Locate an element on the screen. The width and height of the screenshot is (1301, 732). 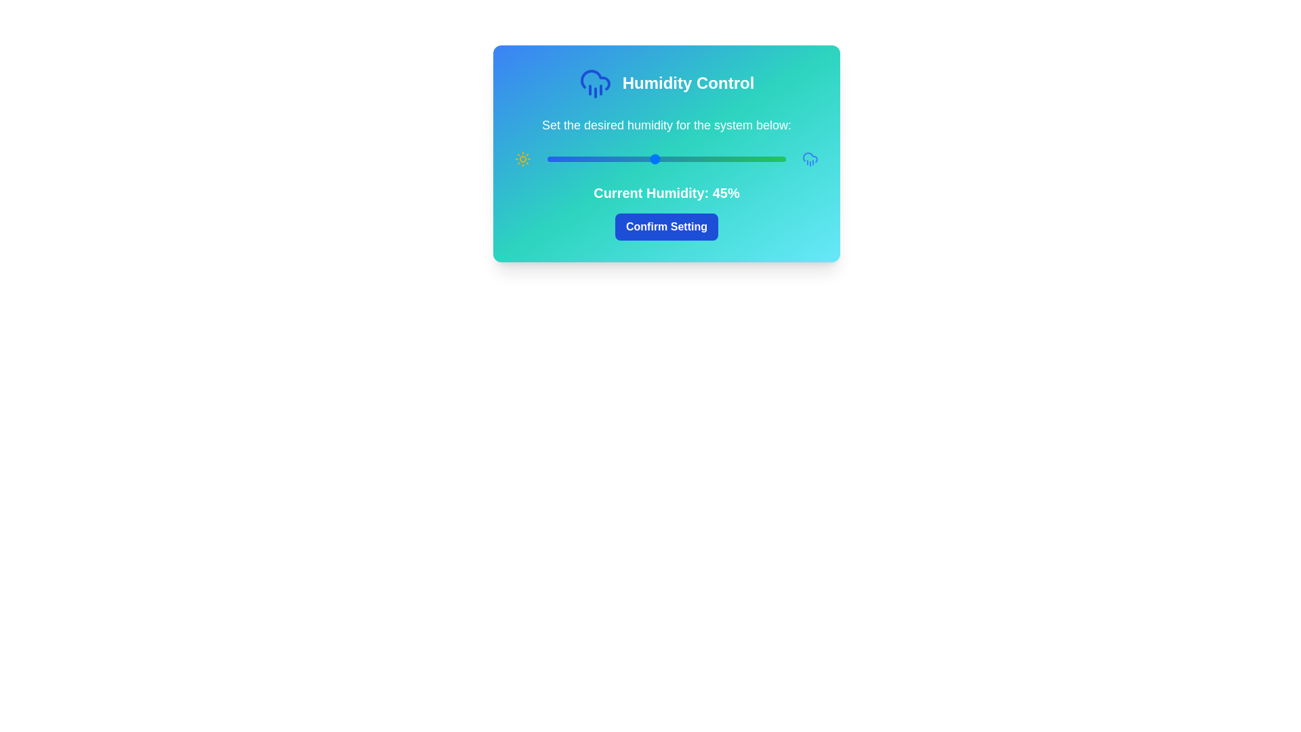
the humidity slider to set the humidity level to 95% is located at coordinates (774, 159).